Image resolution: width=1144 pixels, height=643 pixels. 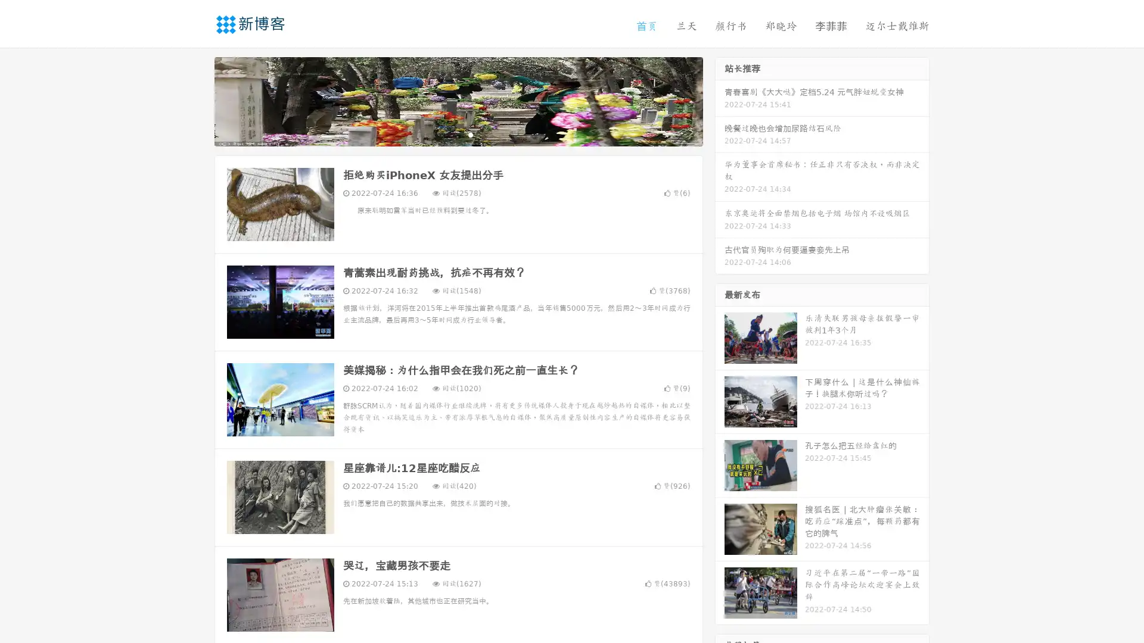 What do you see at coordinates (470, 134) in the screenshot?
I see `Go to slide 3` at bounding box center [470, 134].